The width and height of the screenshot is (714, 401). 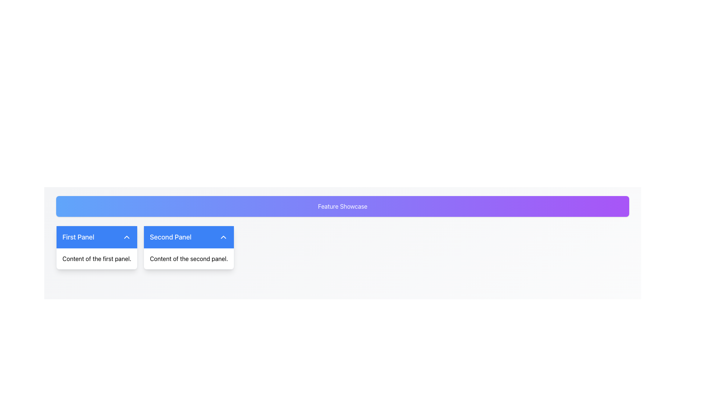 What do you see at coordinates (78, 237) in the screenshot?
I see `the text label for the first collapsible panel located on the left-side panel of a row with two panels` at bounding box center [78, 237].